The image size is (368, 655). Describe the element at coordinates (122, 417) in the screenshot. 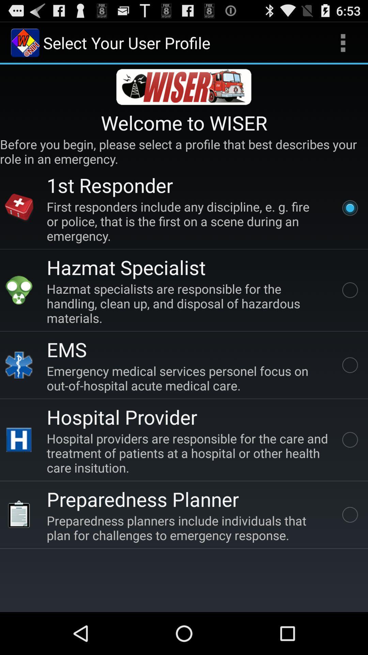

I see `item above hospital providers are` at that location.